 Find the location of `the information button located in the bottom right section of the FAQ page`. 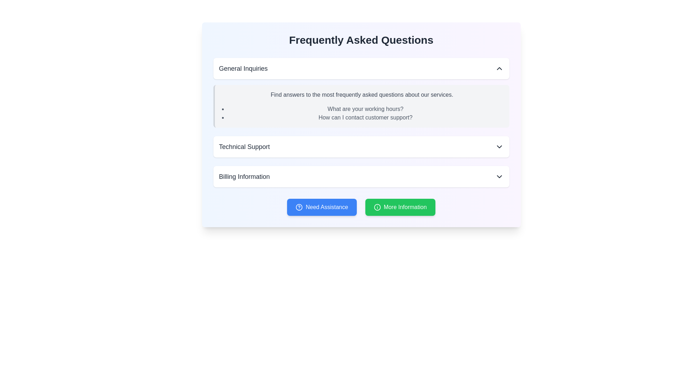

the information button located in the bottom right section of the FAQ page is located at coordinates (400, 207).